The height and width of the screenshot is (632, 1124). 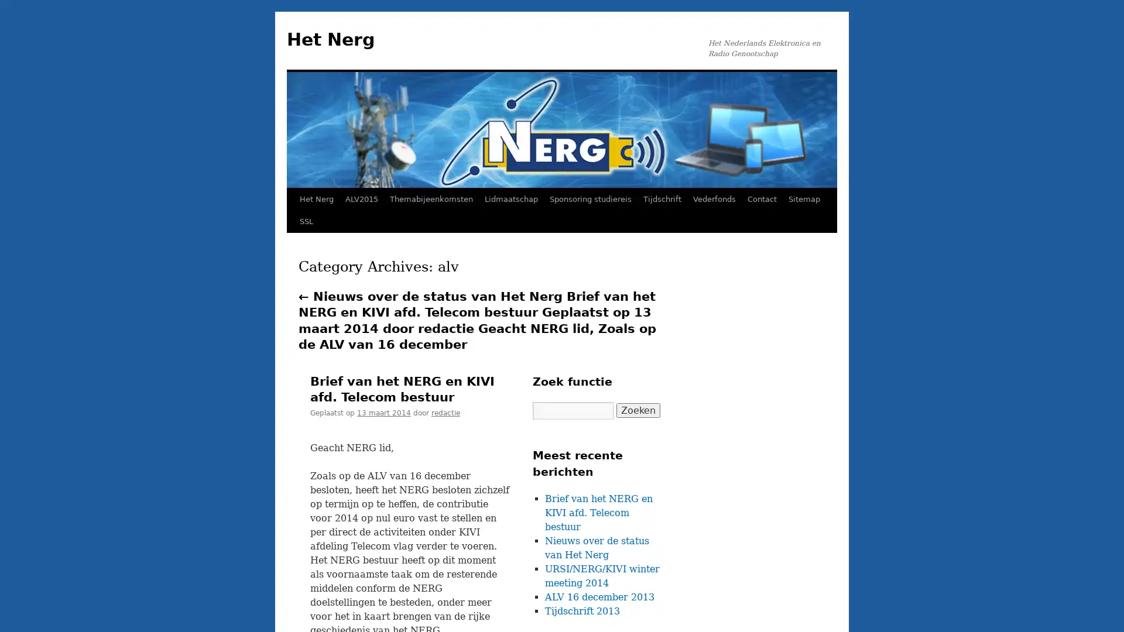 What do you see at coordinates (638, 410) in the screenshot?
I see `Zoeken` at bounding box center [638, 410].